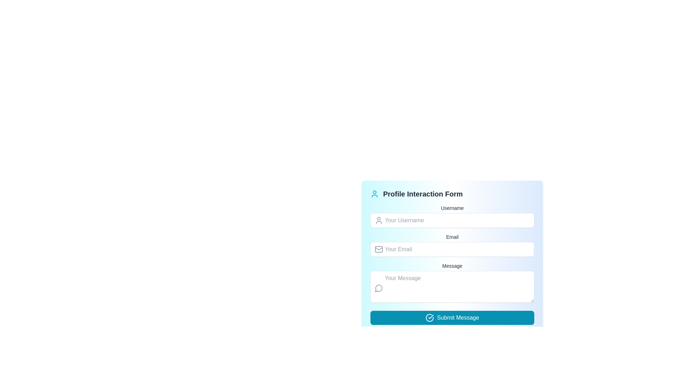  Describe the element at coordinates (378, 288) in the screenshot. I see `the chat bubble icon located to the left of the 'Profile Interaction Form' header, which is designed as a simple outlined circular shape with a tail resembling a speech balloon` at that location.